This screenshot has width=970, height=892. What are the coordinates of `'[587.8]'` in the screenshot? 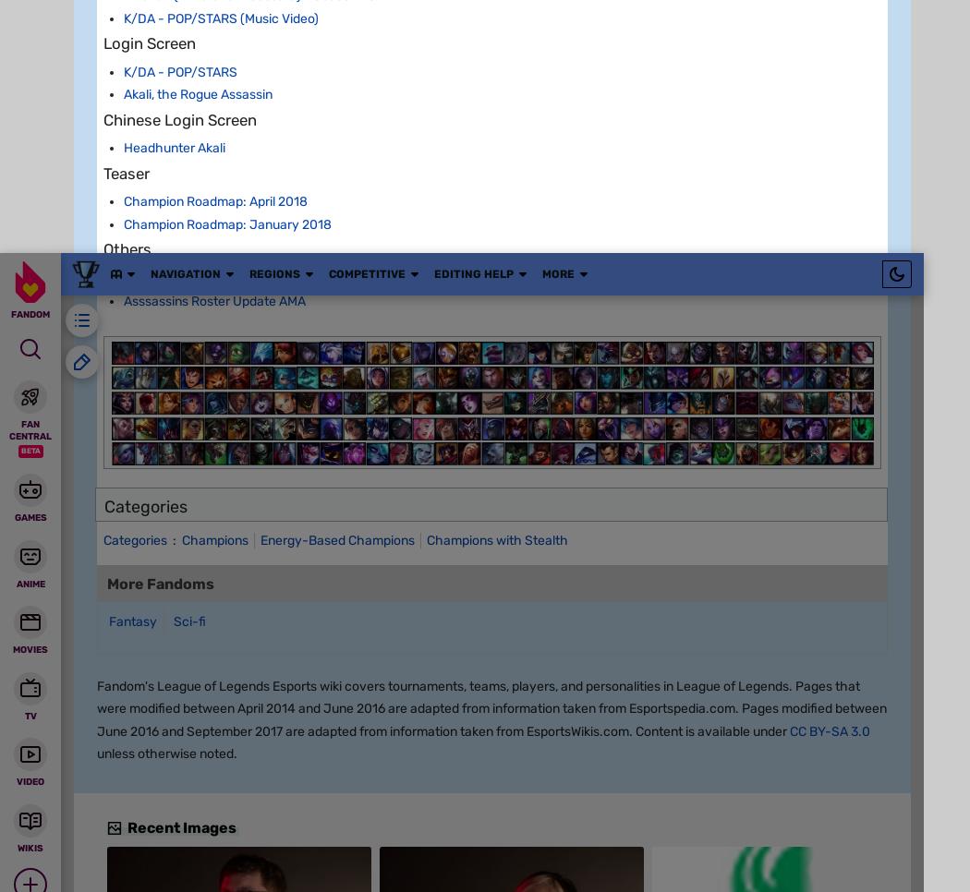 It's located at (248, 661).